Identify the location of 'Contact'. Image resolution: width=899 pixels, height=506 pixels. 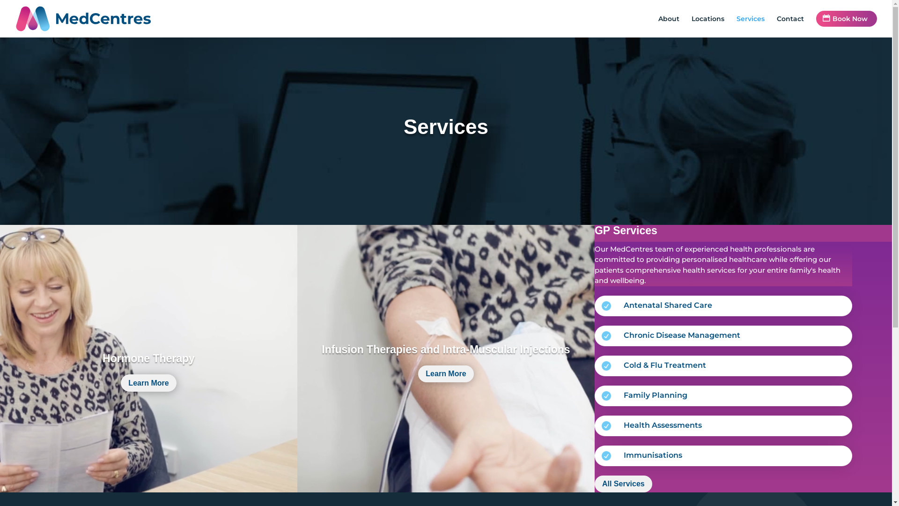
(790, 26).